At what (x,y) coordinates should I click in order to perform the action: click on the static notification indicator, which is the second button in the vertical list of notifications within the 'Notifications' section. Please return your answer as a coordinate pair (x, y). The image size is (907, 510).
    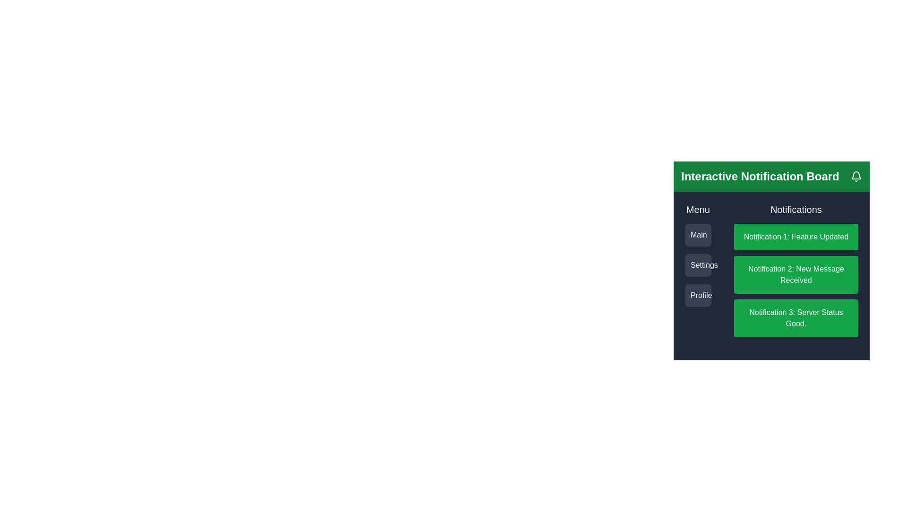
    Looking at the image, I should click on (796, 275).